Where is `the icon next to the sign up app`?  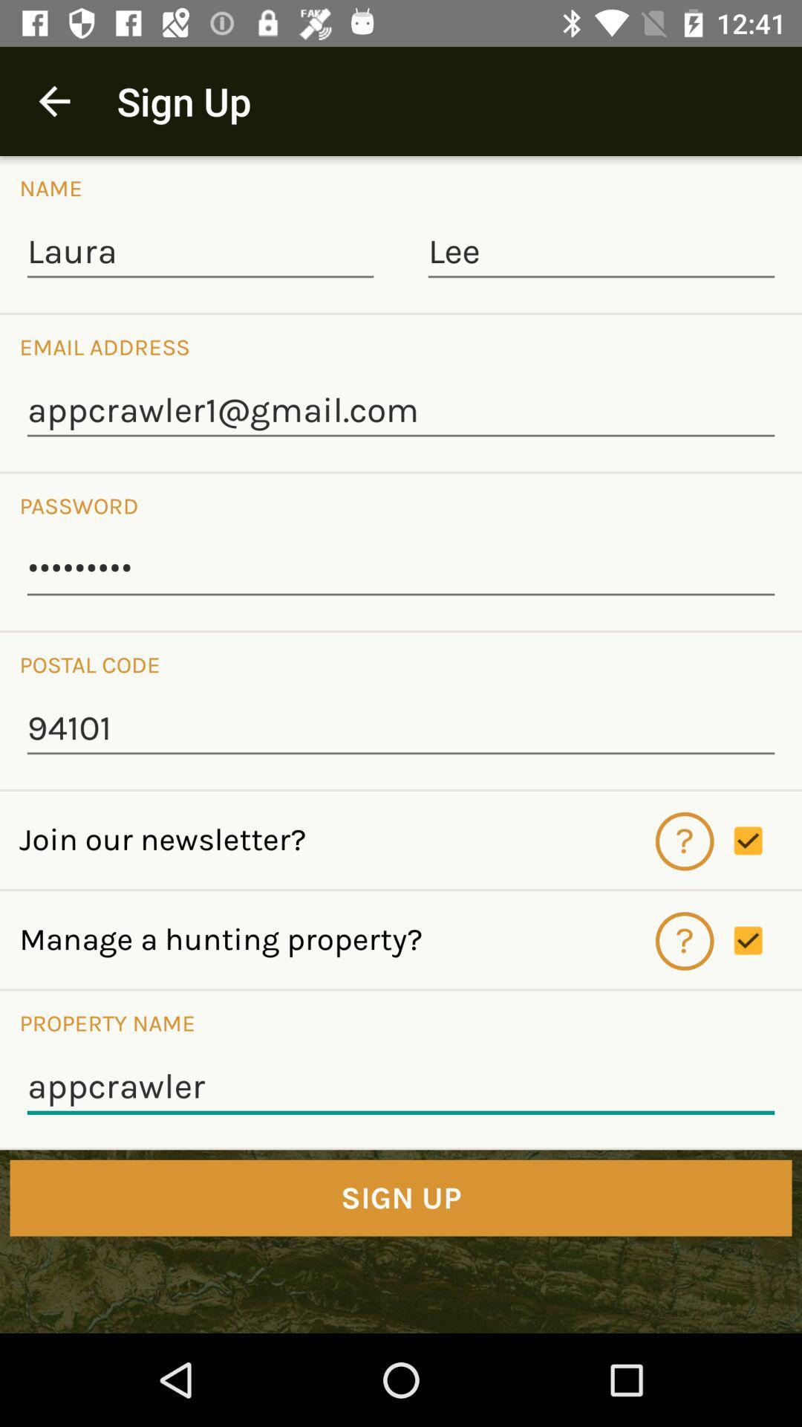
the icon next to the sign up app is located at coordinates (53, 100).